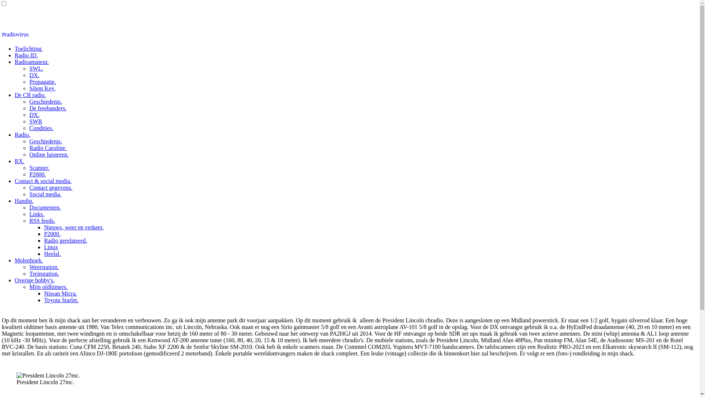 This screenshot has height=397, width=705. Describe the element at coordinates (37, 174) in the screenshot. I see `'P2000.'` at that location.